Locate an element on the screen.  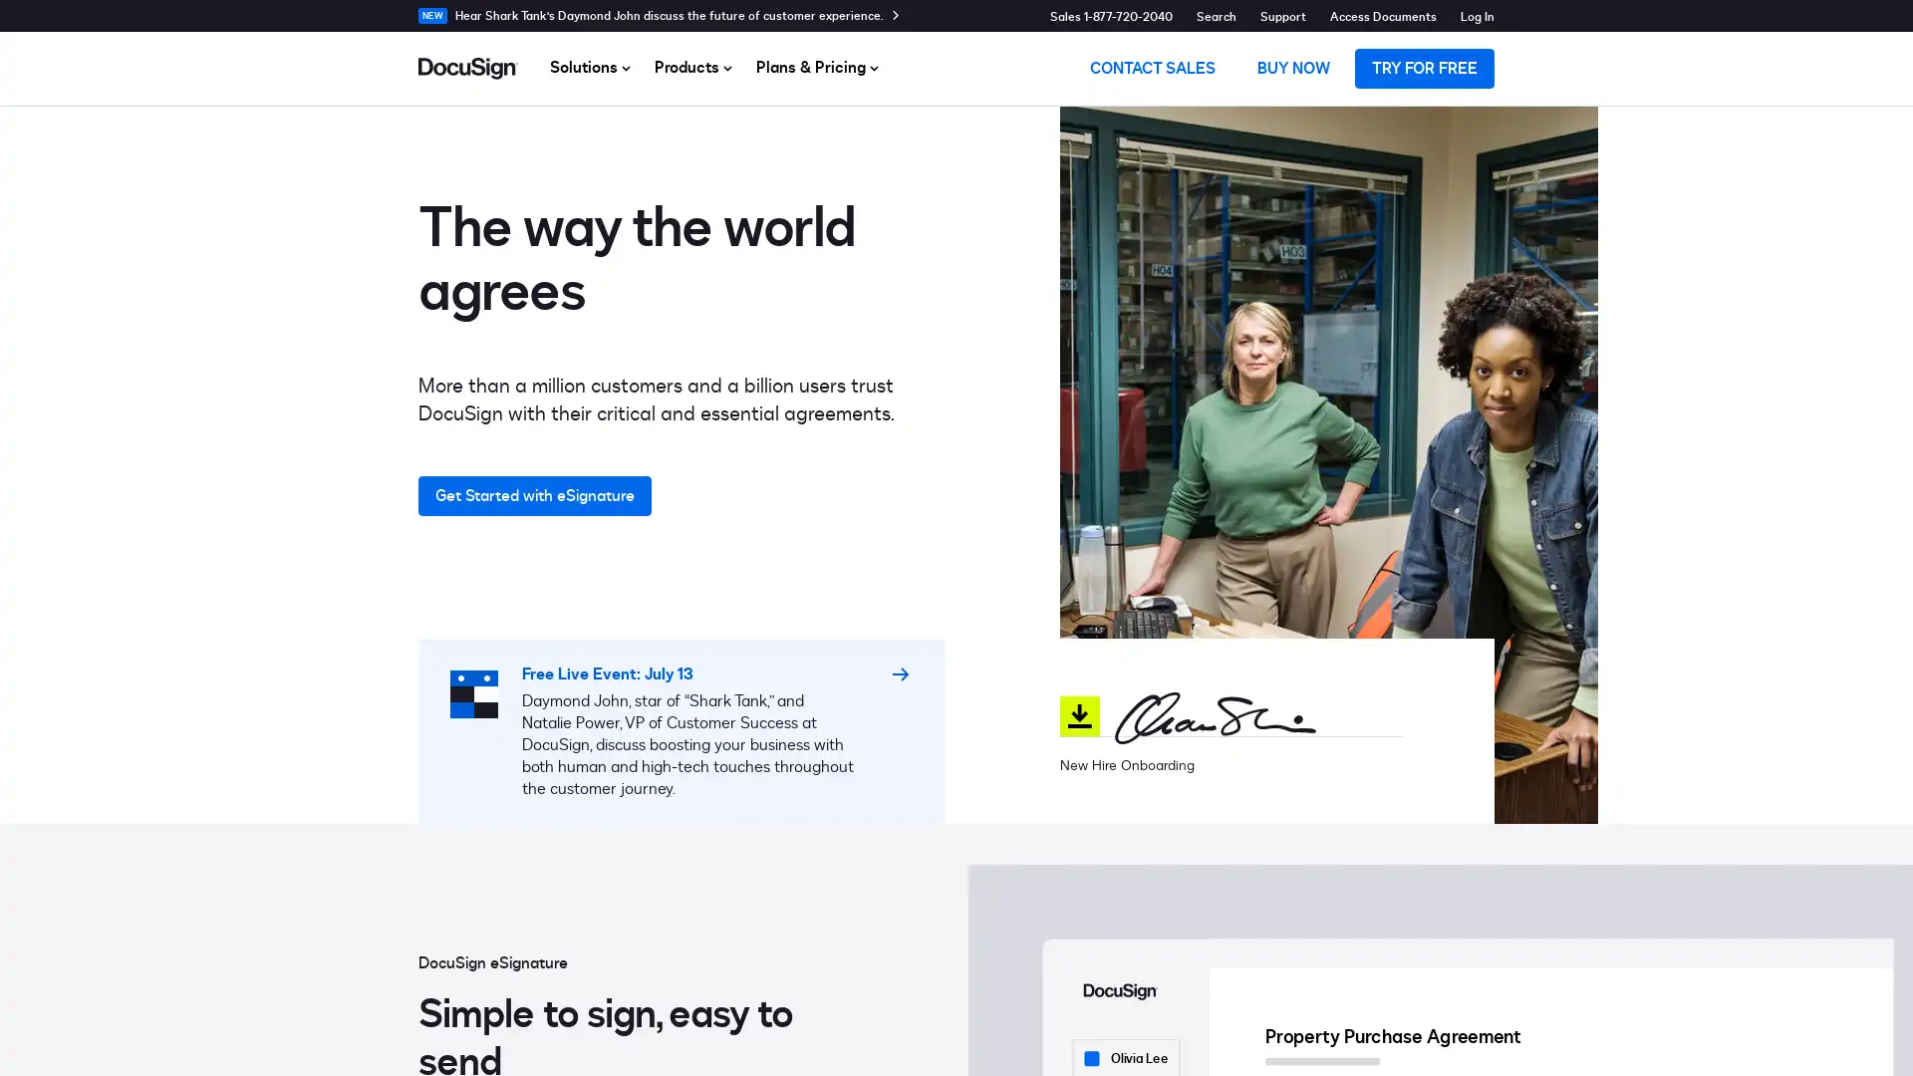
Solutions is located at coordinates (589, 68).